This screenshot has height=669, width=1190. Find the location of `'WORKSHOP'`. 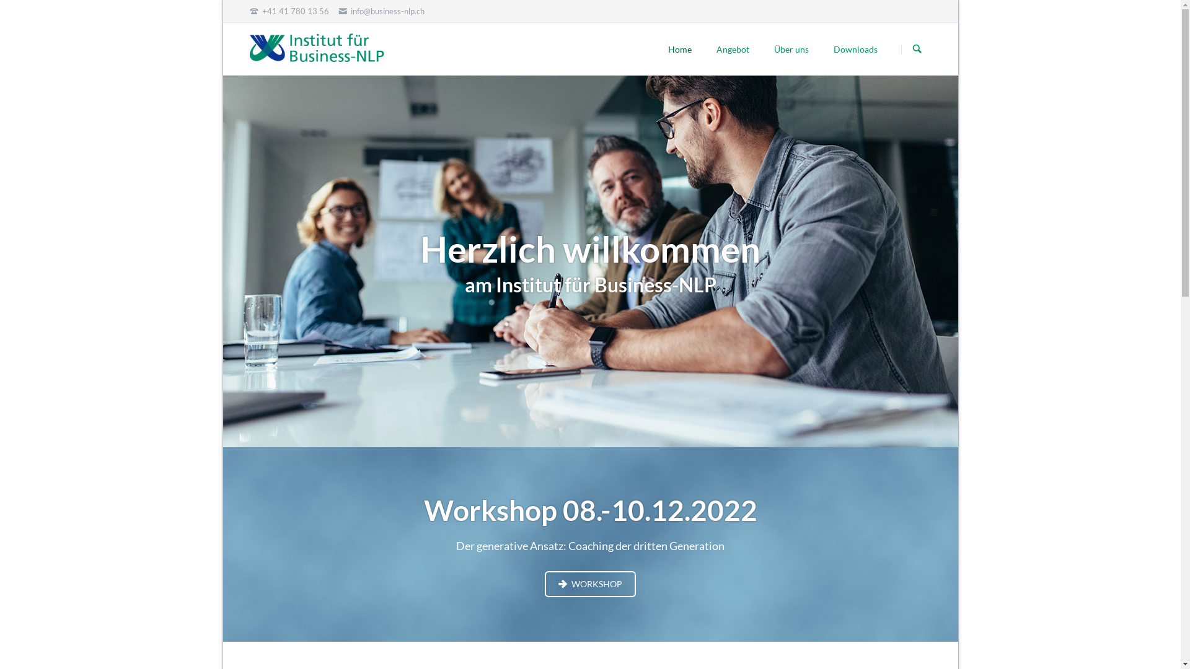

'WORKSHOP' is located at coordinates (589, 584).